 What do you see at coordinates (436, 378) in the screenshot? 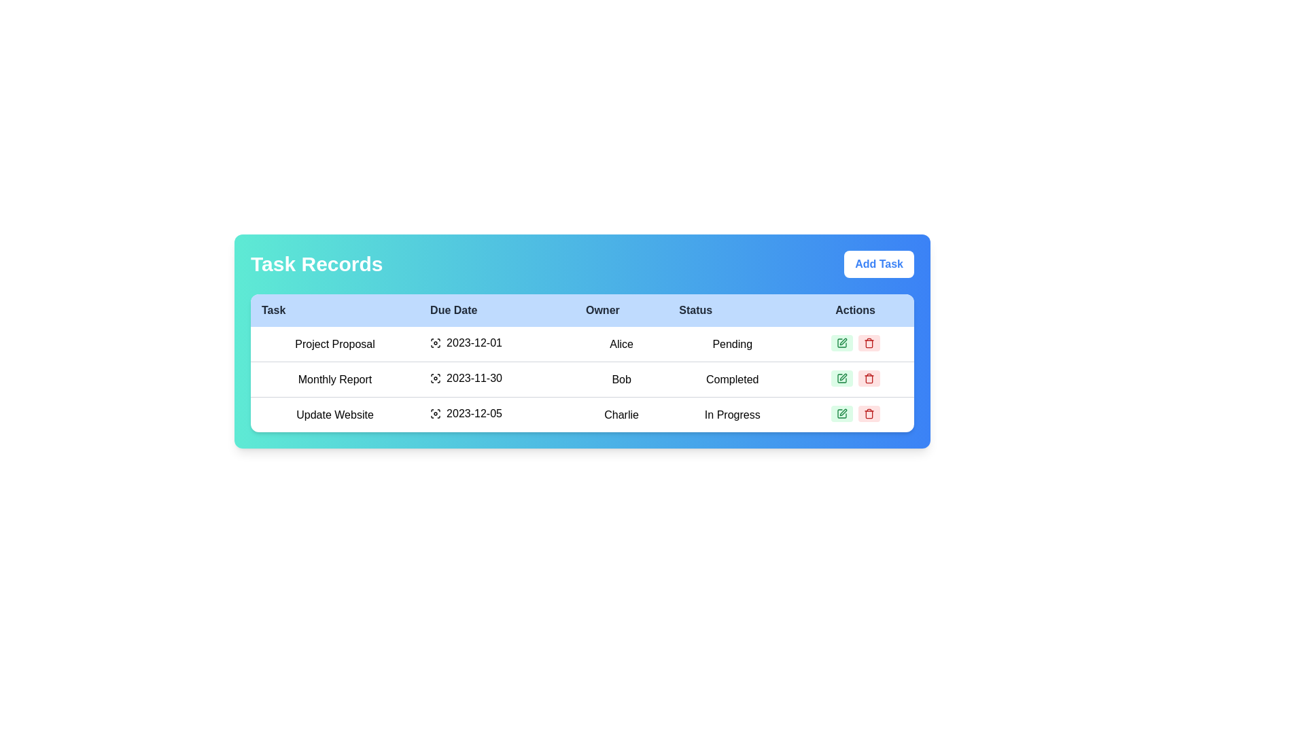
I see `the SVG Icon representing focus or targeting in the 'Task' column of the second row in the 'Task Records' table for the 'Monthly Report' task` at bounding box center [436, 378].